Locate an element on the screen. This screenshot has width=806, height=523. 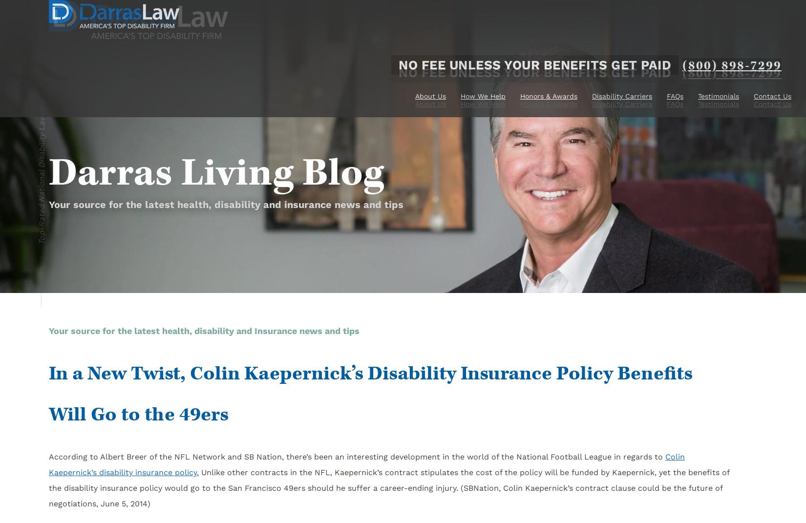
'Unlike other contracts in the NFL, Kaepernick’s contract stipulates the cost of the policy will be funded by Kaepernick, yet the benefits of the disability insurance policy would go to the San Francisco 49ers should he suffer a career-ending injury. (SBNation, Colin Kaepernick’s contract clause could be the future of negotiations, June 5, 2014)' is located at coordinates (388, 488).